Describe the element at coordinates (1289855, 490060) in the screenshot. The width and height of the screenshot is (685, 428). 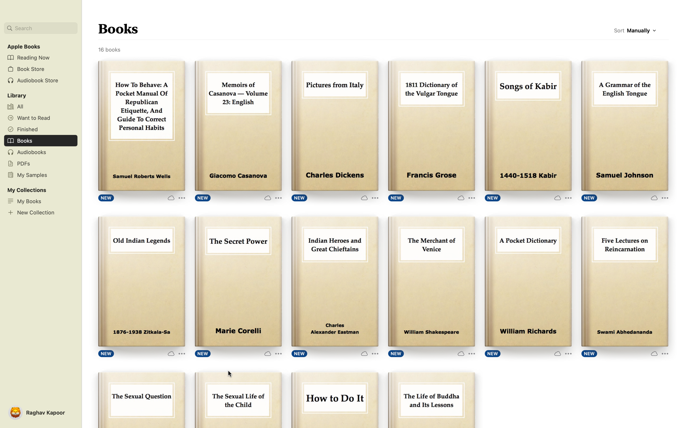
I see `Navigate downwards to view additional books in the library` at that location.